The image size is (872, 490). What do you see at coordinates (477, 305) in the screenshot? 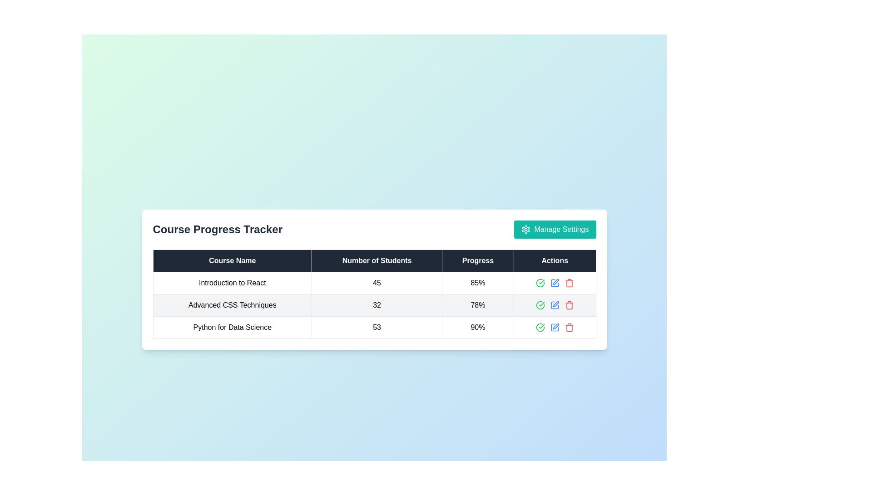
I see `the text element displaying '78%' in bold black font, located in the third column of the second row of the 'Course Progress Tracker' table, aligned with the 'Progress' header and corresponding to 'Advanced CSS Techniques'` at bounding box center [477, 305].